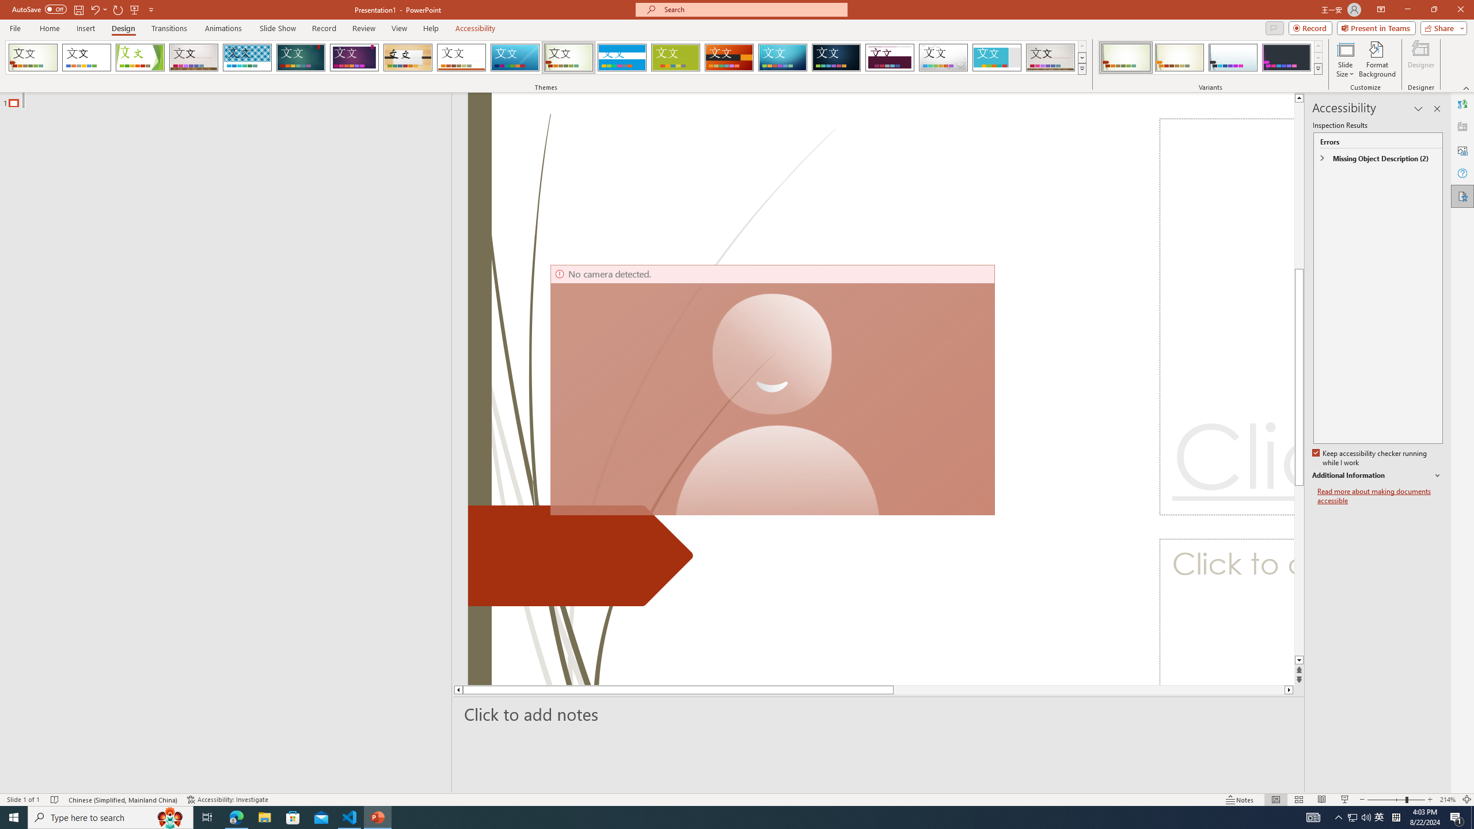 The image size is (1474, 829). I want to click on 'Integral', so click(247, 57).